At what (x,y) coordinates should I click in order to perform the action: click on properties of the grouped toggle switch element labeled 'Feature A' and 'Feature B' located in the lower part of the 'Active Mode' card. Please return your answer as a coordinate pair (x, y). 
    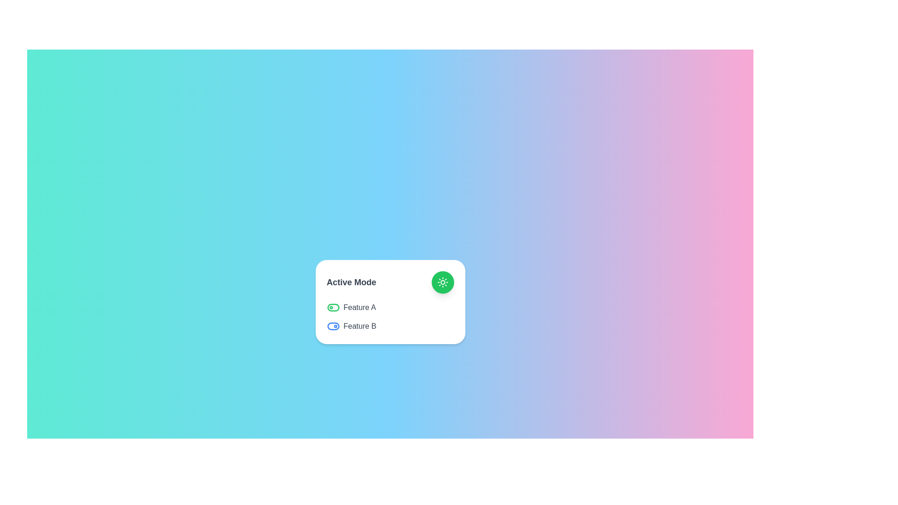
    Looking at the image, I should click on (390, 317).